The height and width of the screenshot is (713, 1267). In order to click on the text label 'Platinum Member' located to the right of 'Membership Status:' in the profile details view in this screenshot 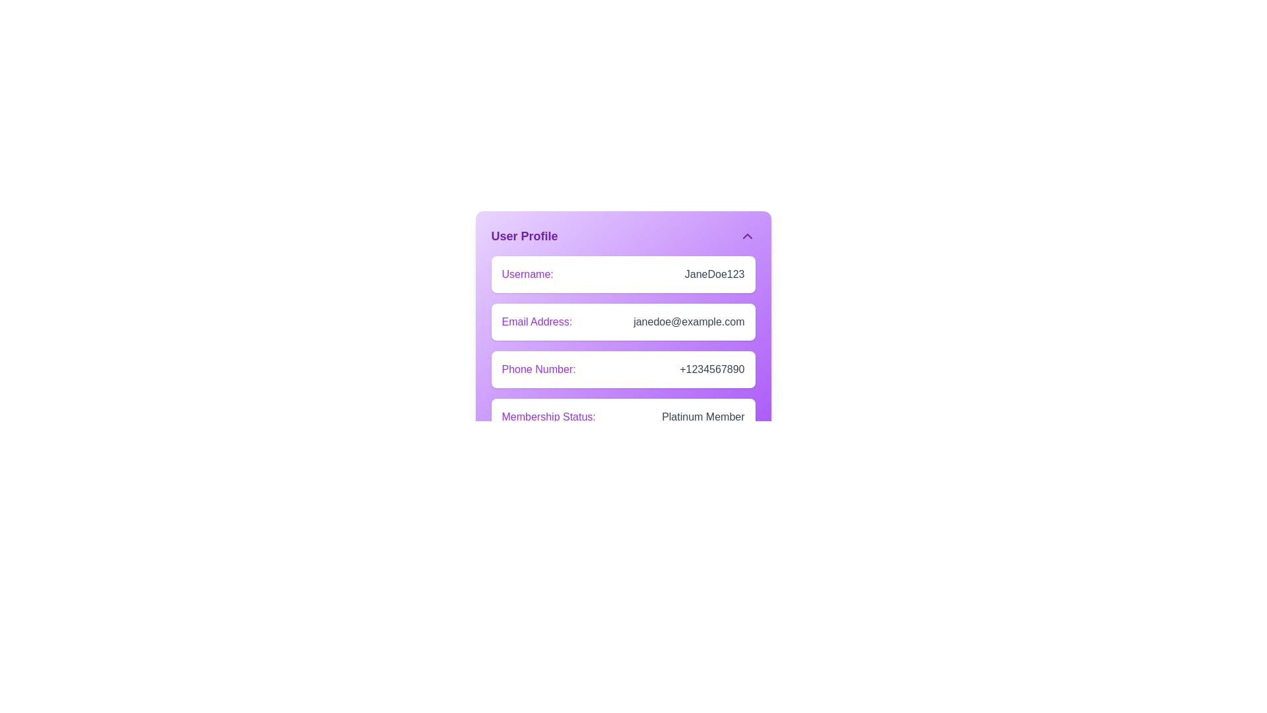, I will do `click(702, 417)`.